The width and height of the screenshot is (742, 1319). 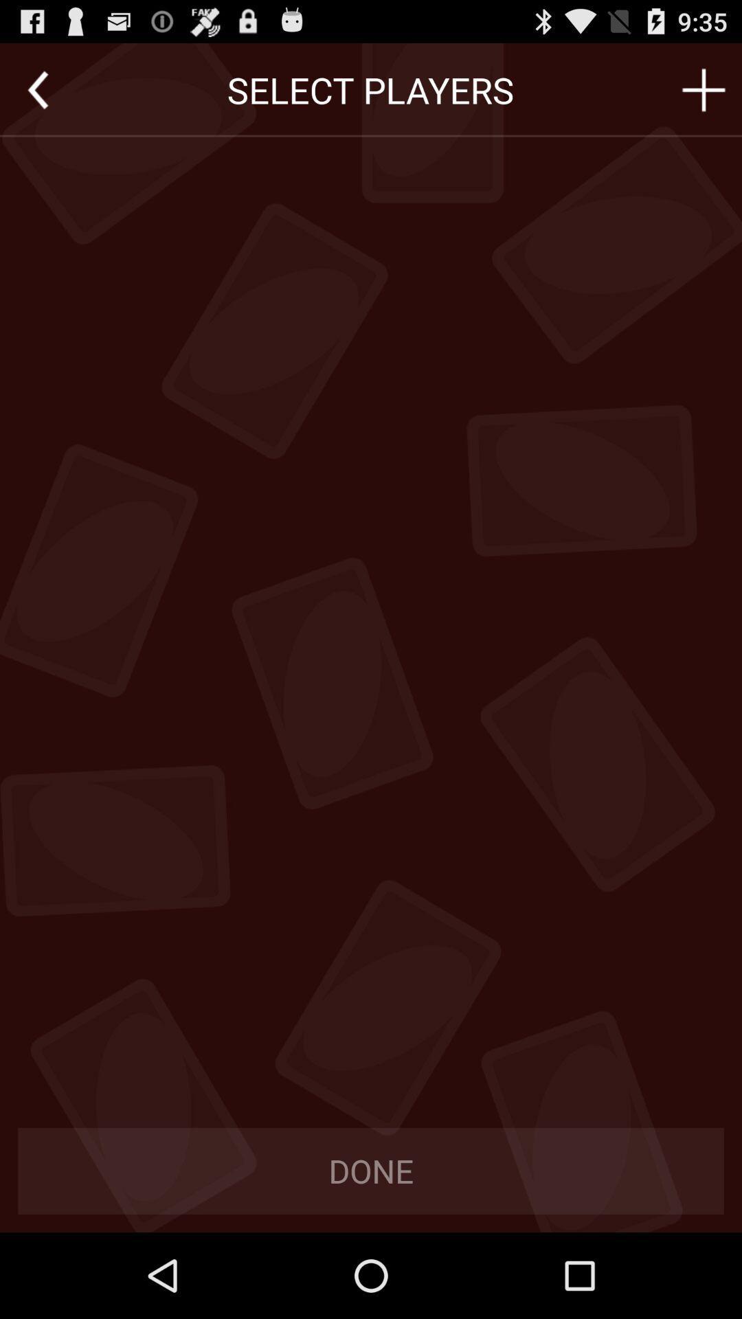 I want to click on go back, so click(x=37, y=89).